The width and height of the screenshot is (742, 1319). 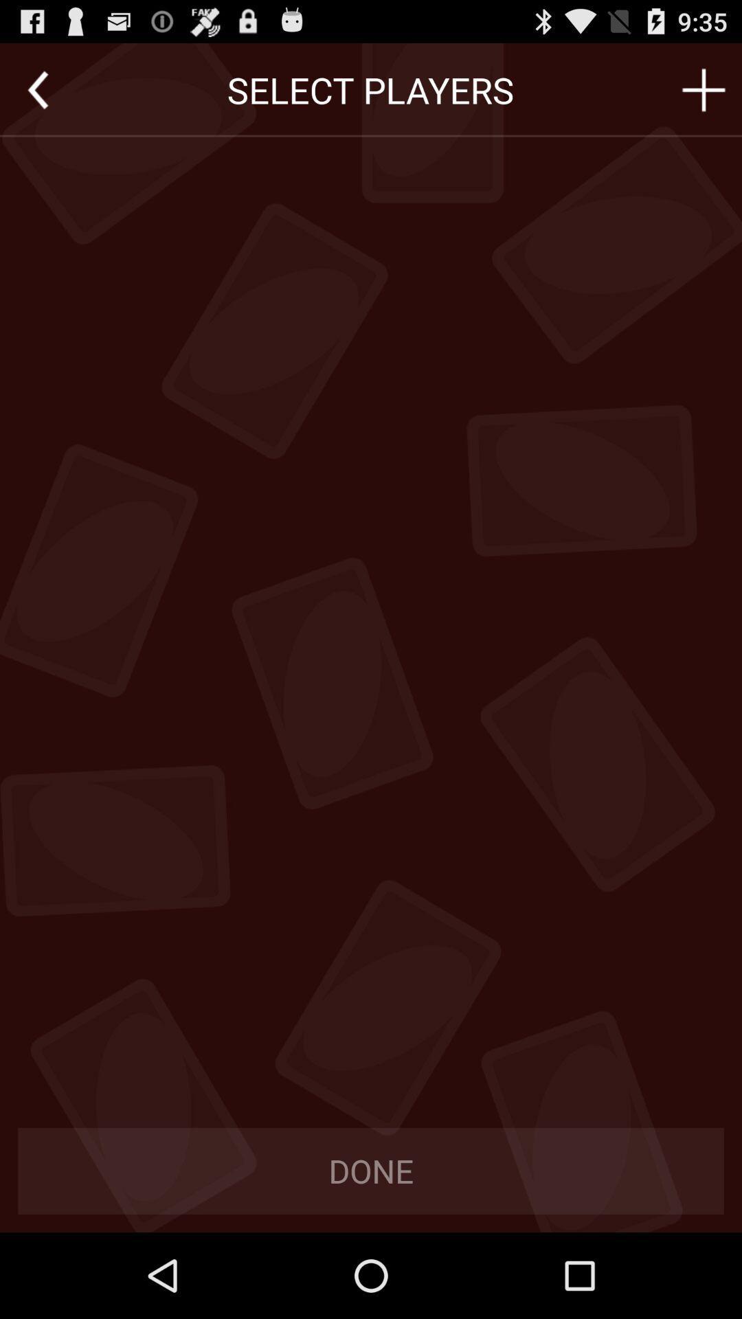 I want to click on go back, so click(x=37, y=89).